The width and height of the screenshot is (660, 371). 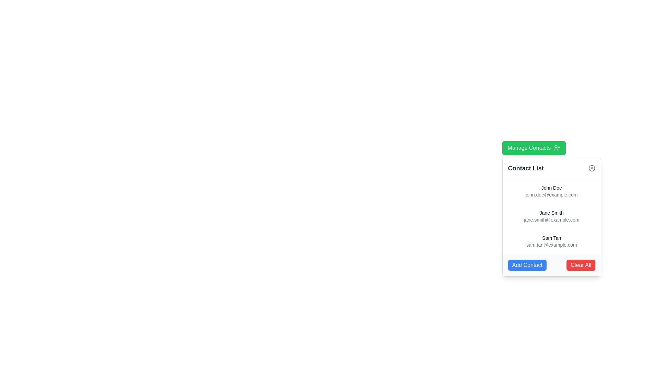 What do you see at coordinates (527, 265) in the screenshot?
I see `the button located in the lower-left corner of the 'Contact List' interface` at bounding box center [527, 265].